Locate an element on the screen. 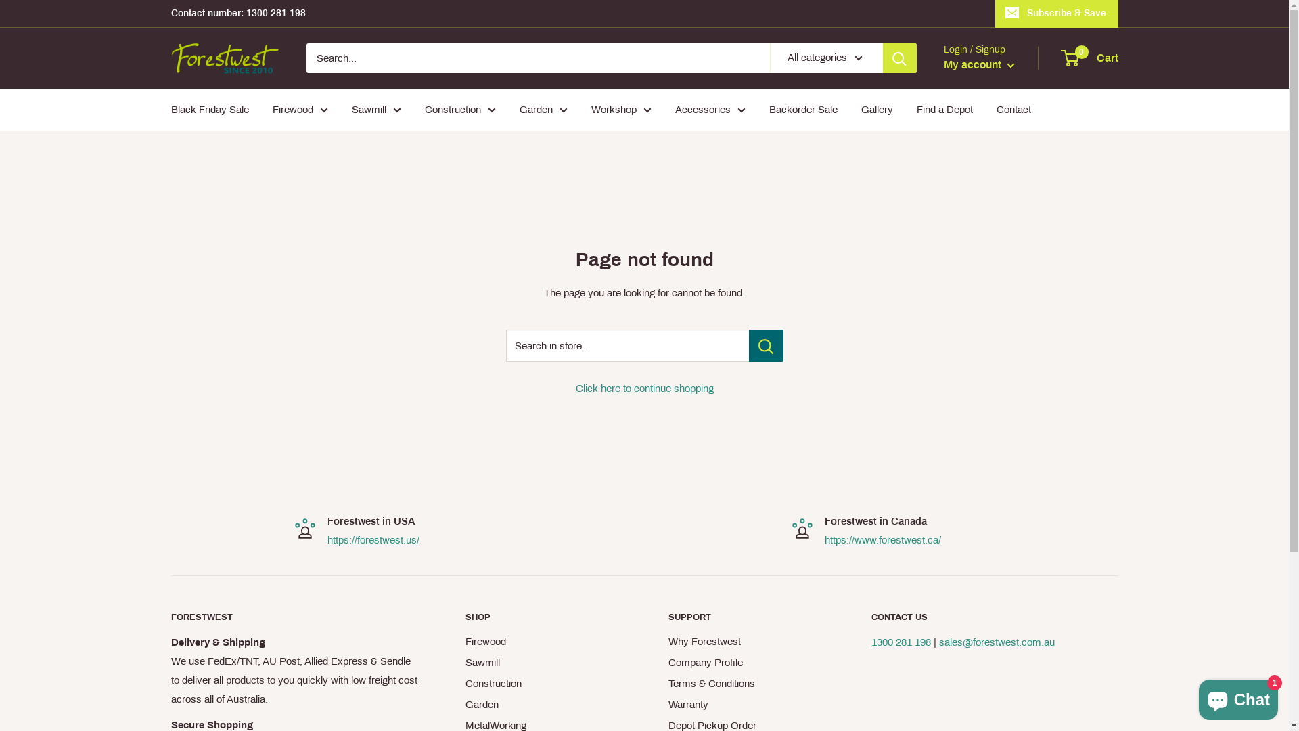 The image size is (1299, 731). 'My account' is located at coordinates (978, 65).